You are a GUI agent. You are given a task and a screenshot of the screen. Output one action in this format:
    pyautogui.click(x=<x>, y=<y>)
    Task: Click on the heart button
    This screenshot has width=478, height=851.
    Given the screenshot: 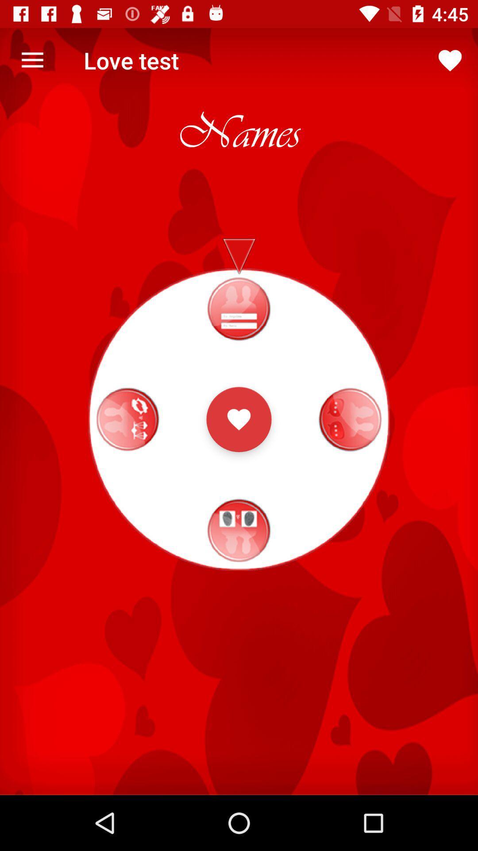 What is the action you would take?
    pyautogui.click(x=239, y=419)
    